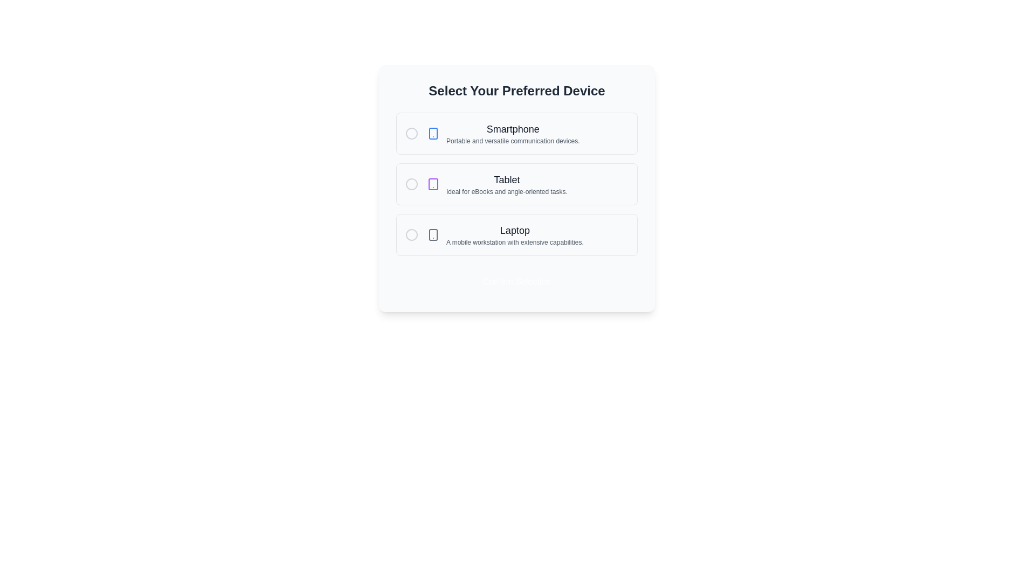  I want to click on text content of the descriptive text label that displays 'Portable and versatile communication devices.' located below the 'Smartphone' label, so click(512, 141).